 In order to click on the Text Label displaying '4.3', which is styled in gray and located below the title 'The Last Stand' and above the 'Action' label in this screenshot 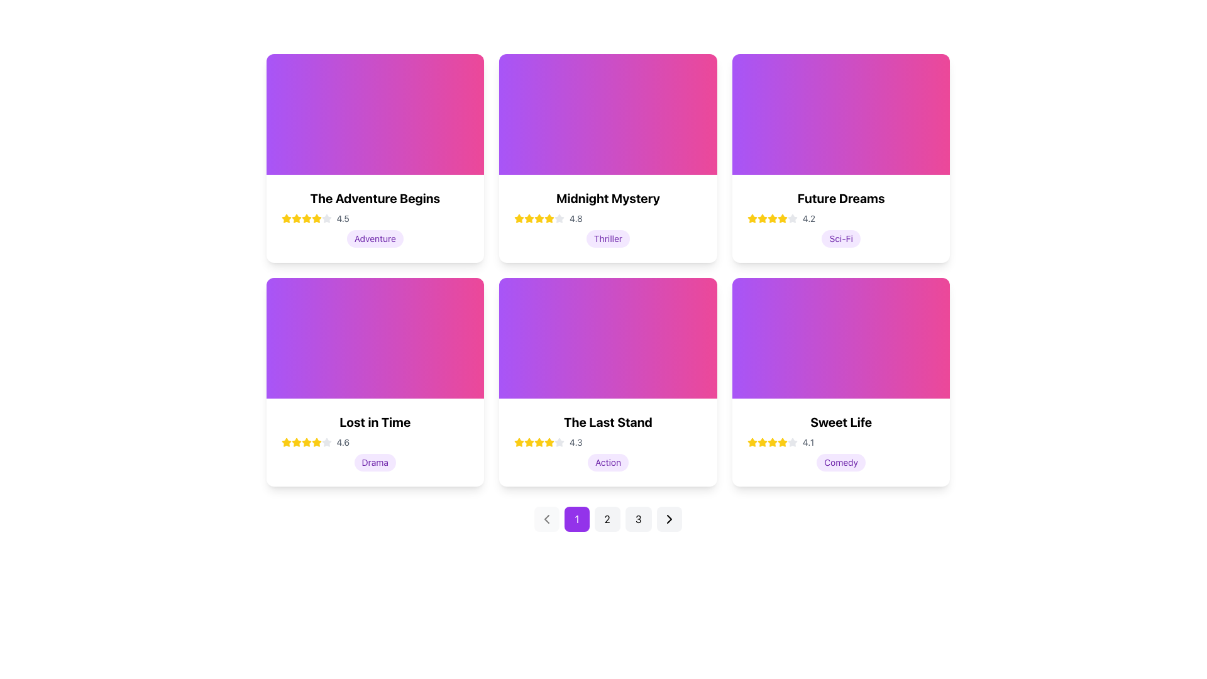, I will do `click(575, 442)`.